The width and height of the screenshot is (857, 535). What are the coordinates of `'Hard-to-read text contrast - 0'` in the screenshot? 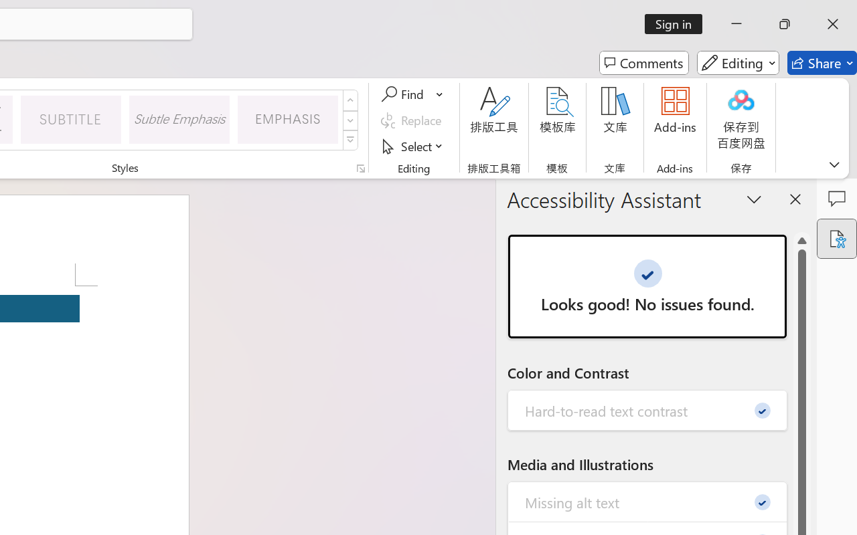 It's located at (647, 411).